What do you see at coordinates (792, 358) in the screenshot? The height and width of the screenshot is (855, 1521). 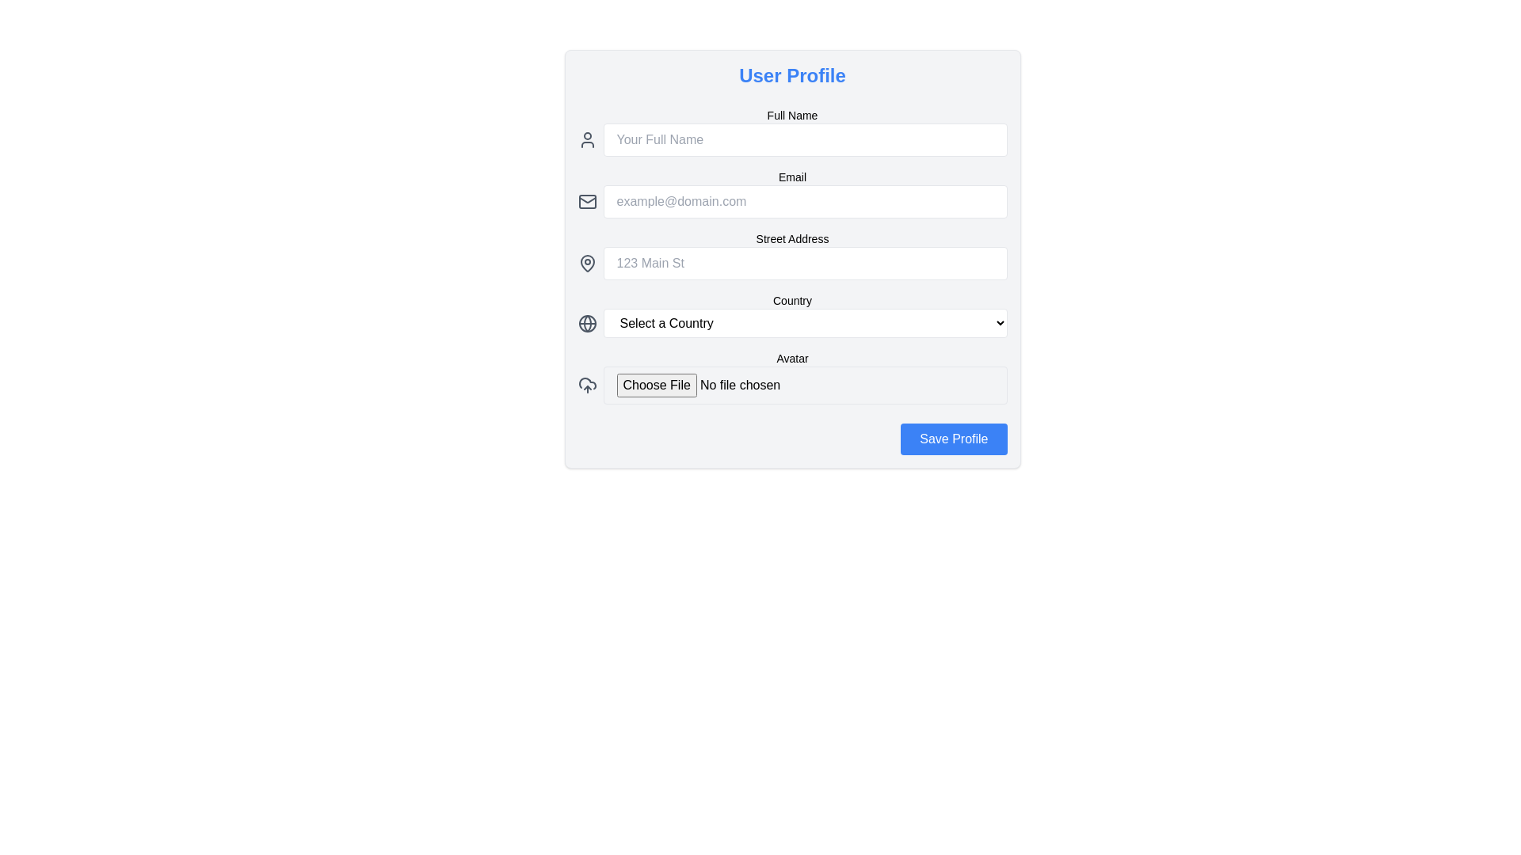 I see `the text label that provides context for the file upload field, which is positioned below the country selection dropdown field` at bounding box center [792, 358].